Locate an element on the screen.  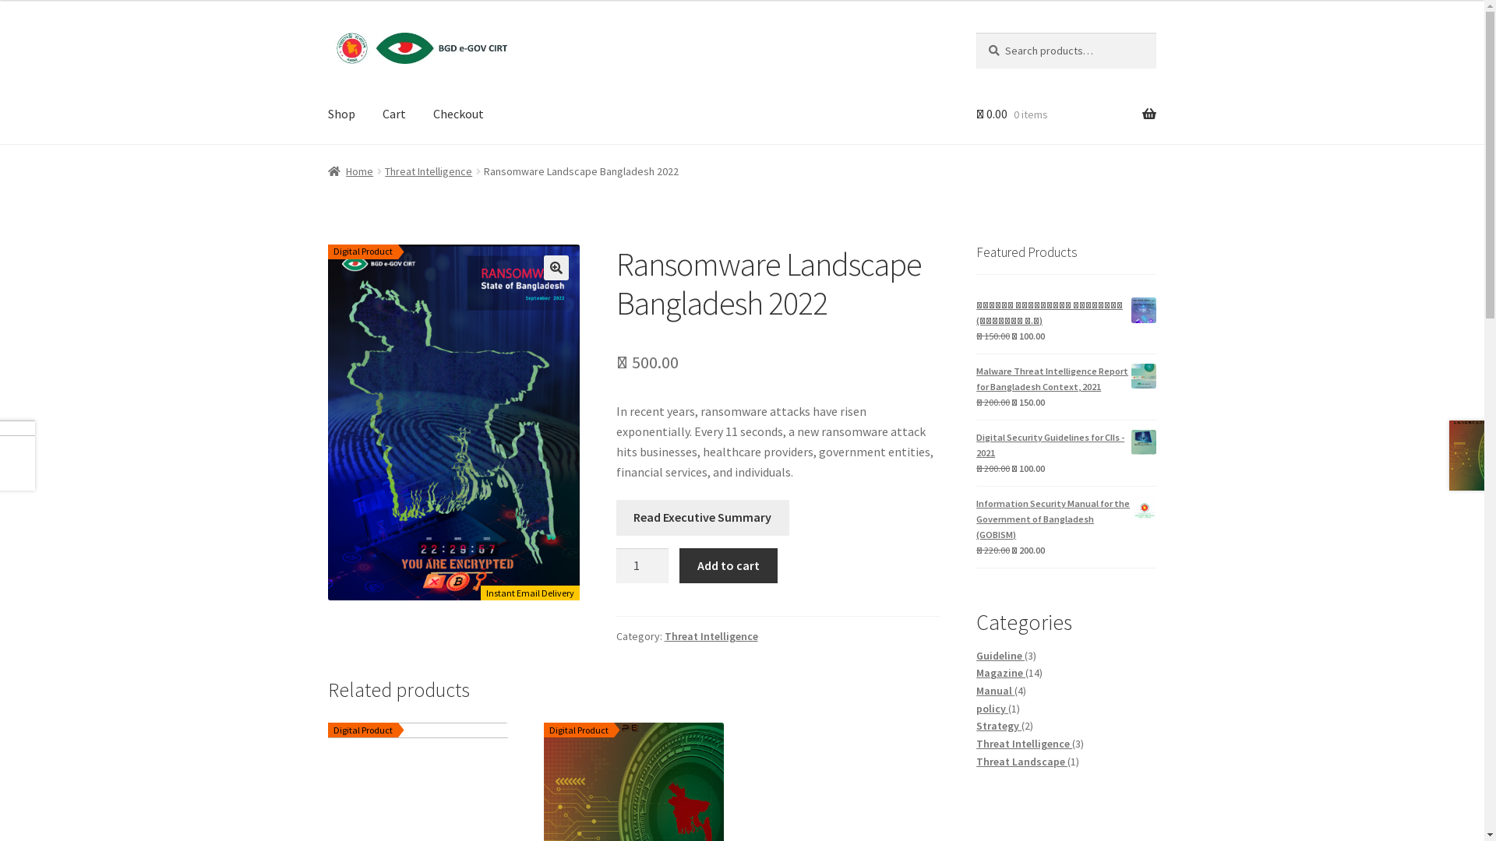
'policy' is located at coordinates (991, 709).